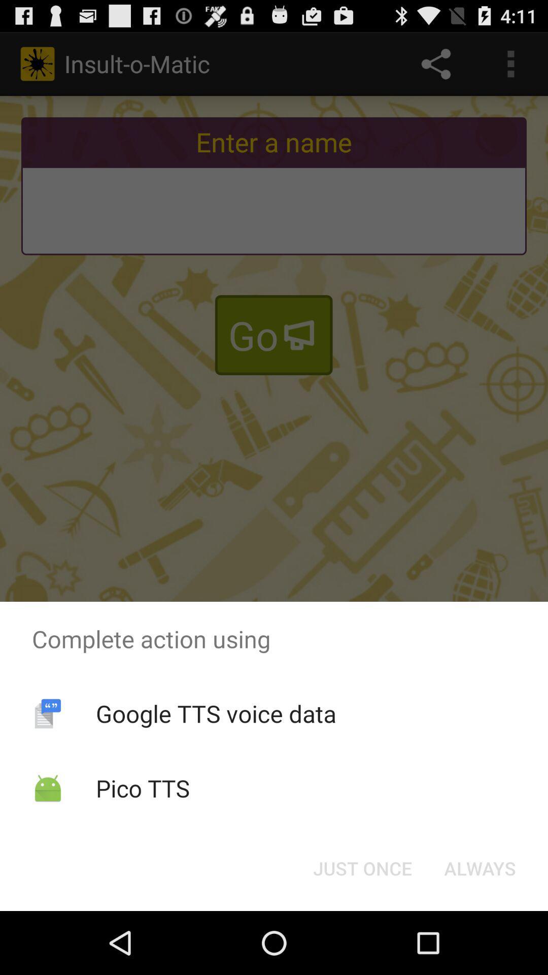 This screenshot has height=975, width=548. I want to click on the item below google tts voice app, so click(362, 867).